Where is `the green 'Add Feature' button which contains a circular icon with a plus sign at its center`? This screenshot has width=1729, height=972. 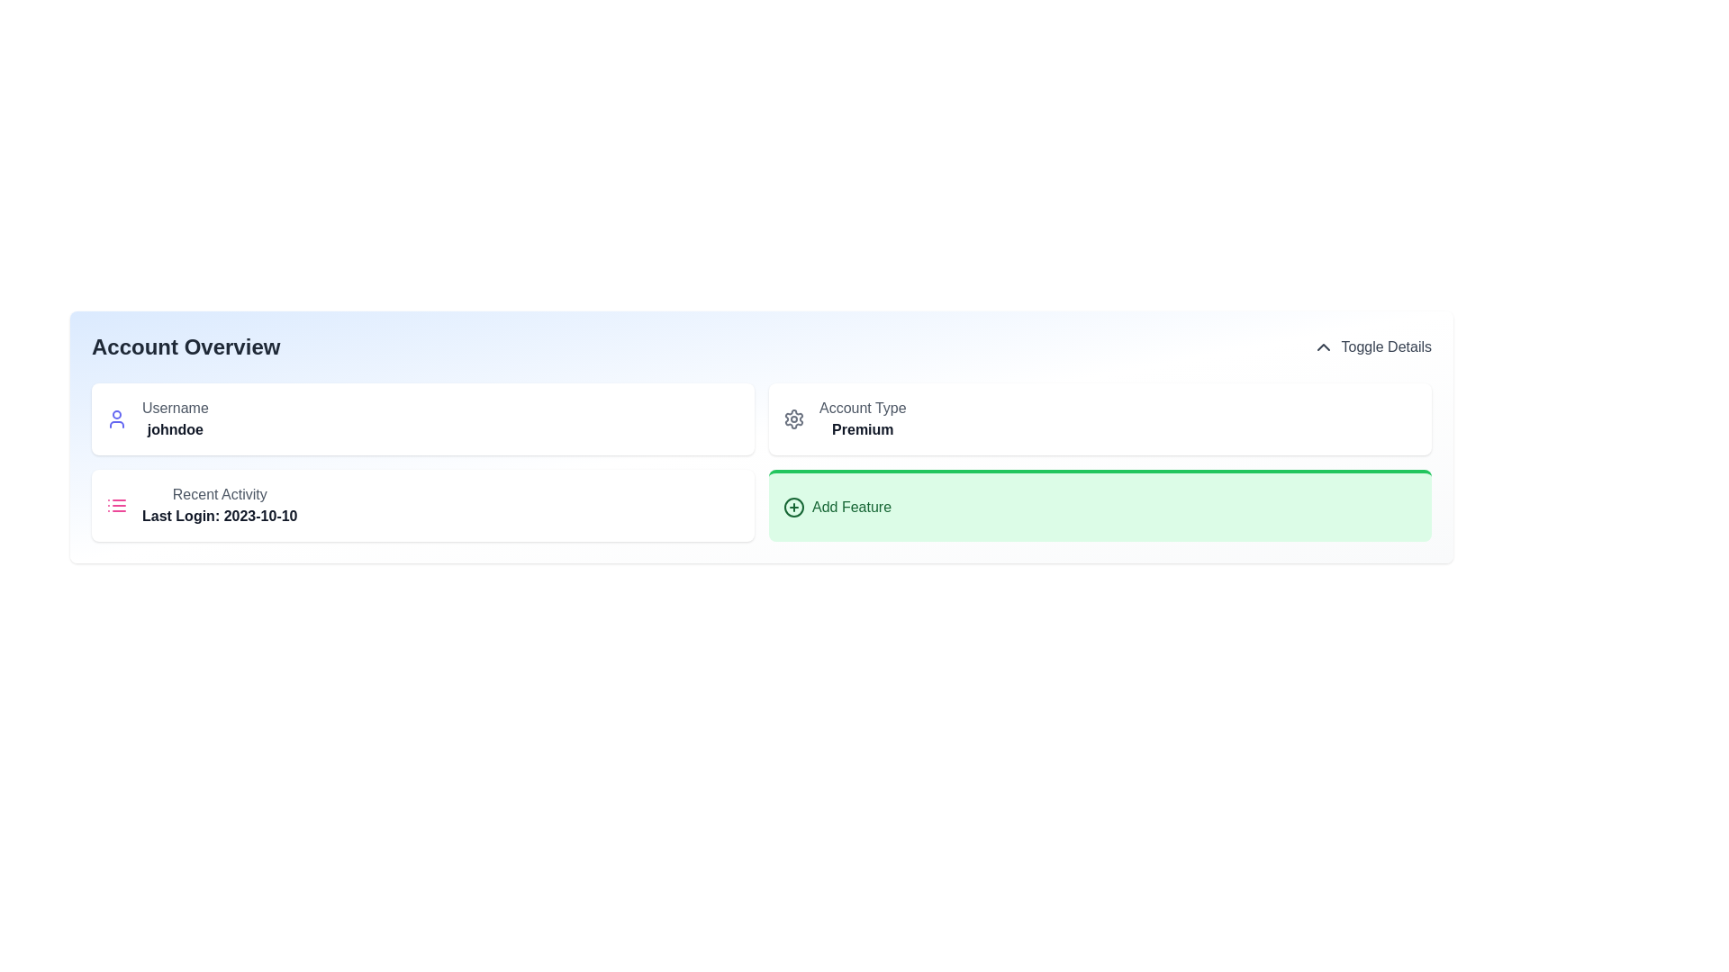
the green 'Add Feature' button which contains a circular icon with a plus sign at its center is located at coordinates (793, 507).